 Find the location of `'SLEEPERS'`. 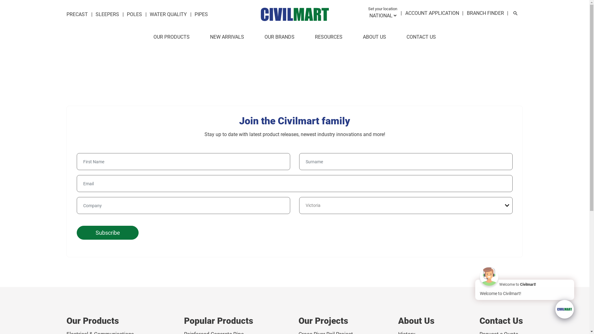

'SLEEPERS' is located at coordinates (95, 14).